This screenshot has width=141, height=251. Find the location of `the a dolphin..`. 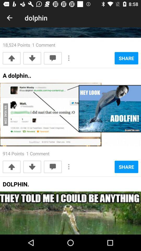

the a dolphin.. is located at coordinates (17, 77).